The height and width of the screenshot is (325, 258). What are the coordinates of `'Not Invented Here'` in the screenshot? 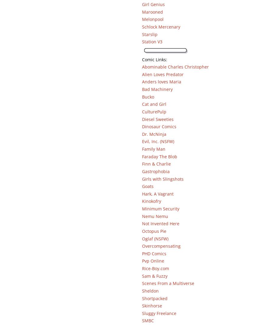 It's located at (160, 223).